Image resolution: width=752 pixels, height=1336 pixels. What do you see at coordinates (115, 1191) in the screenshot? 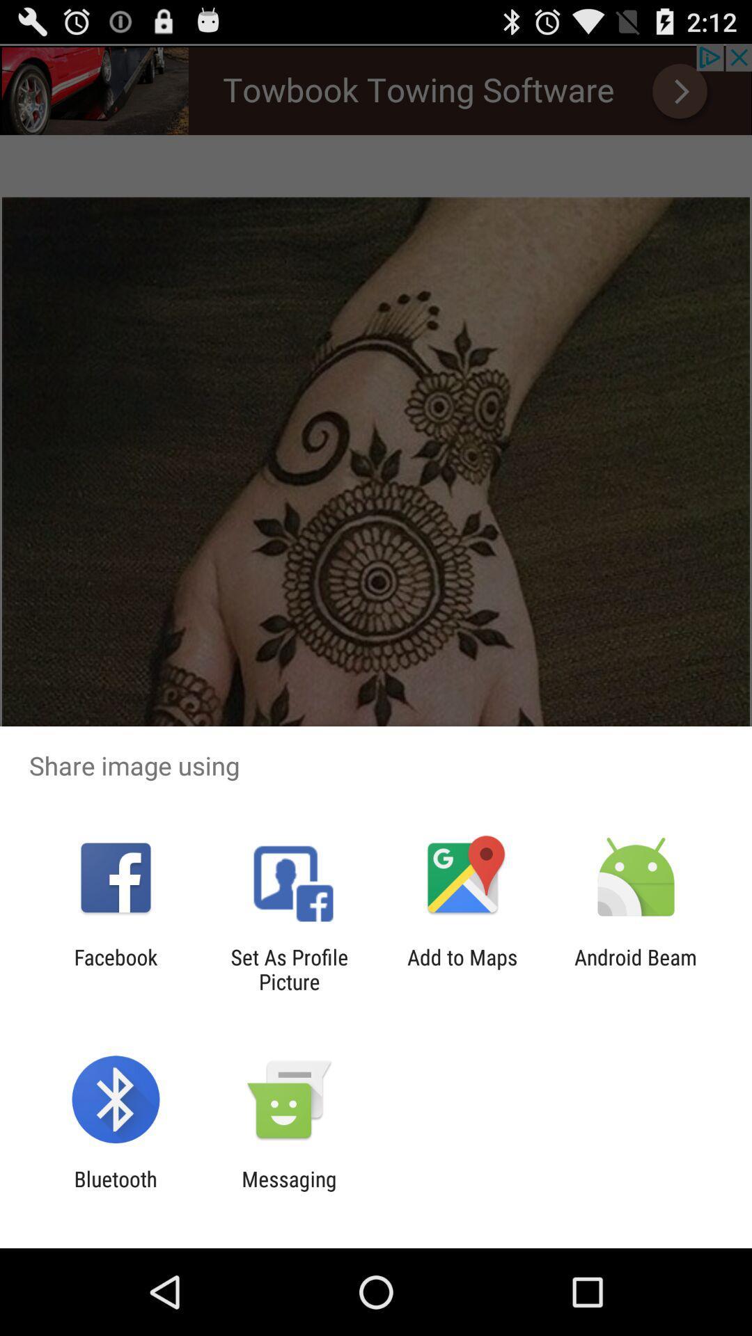
I see `bluetooth item` at bounding box center [115, 1191].